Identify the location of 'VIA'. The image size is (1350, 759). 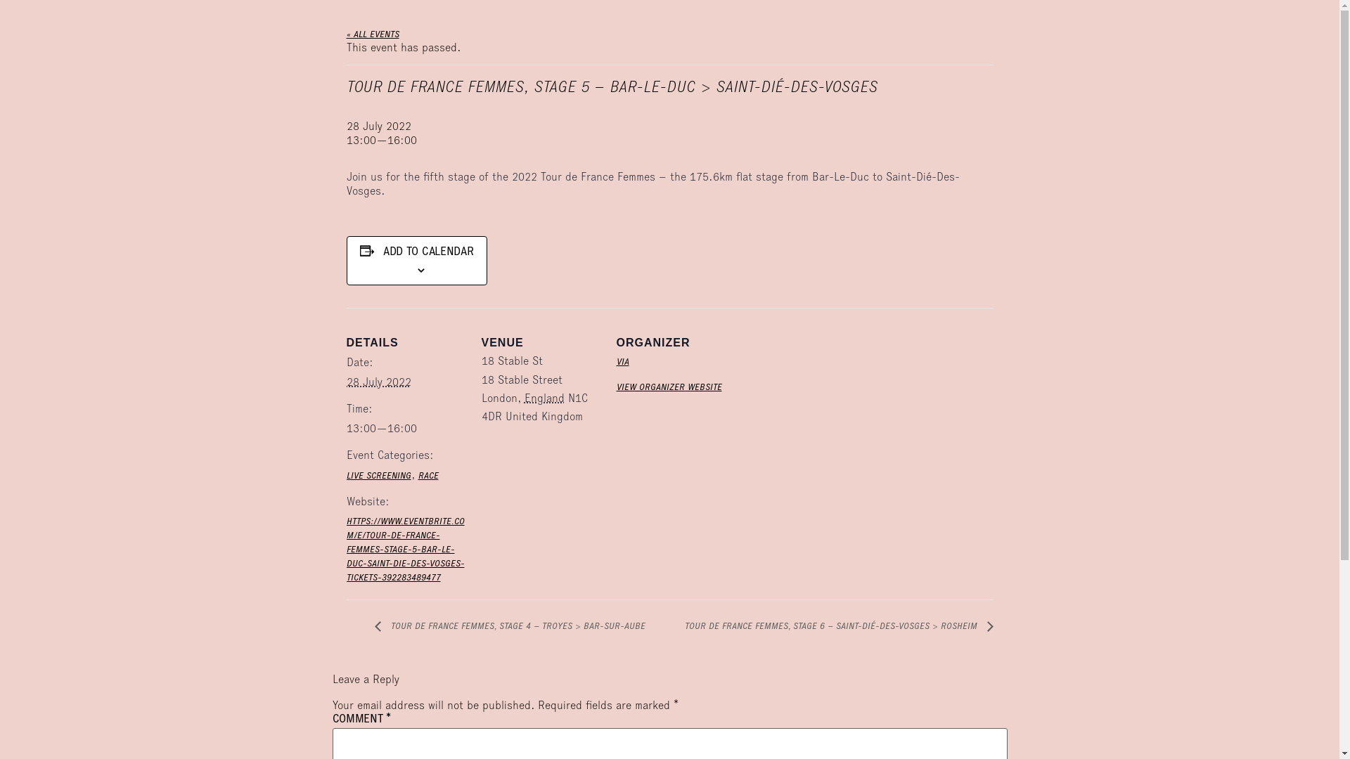
(621, 362).